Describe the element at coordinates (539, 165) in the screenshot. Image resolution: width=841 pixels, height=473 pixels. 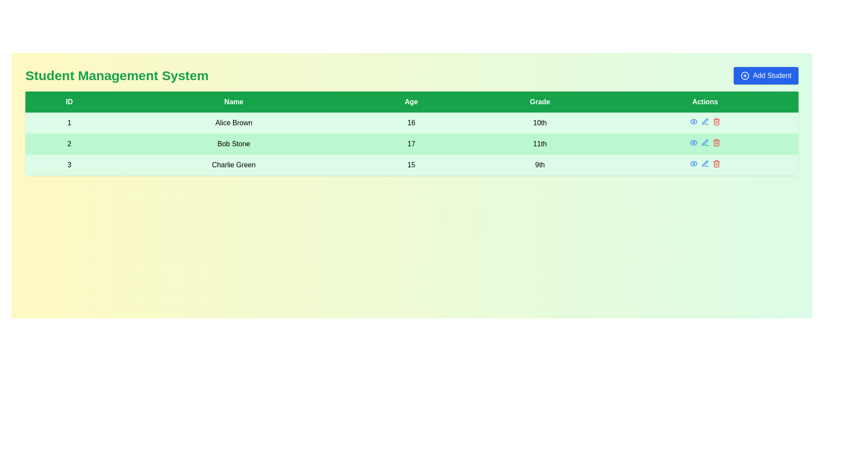
I see `the static Text label displaying the grade level information for 'Charlie Green' in the third row of the table` at that location.